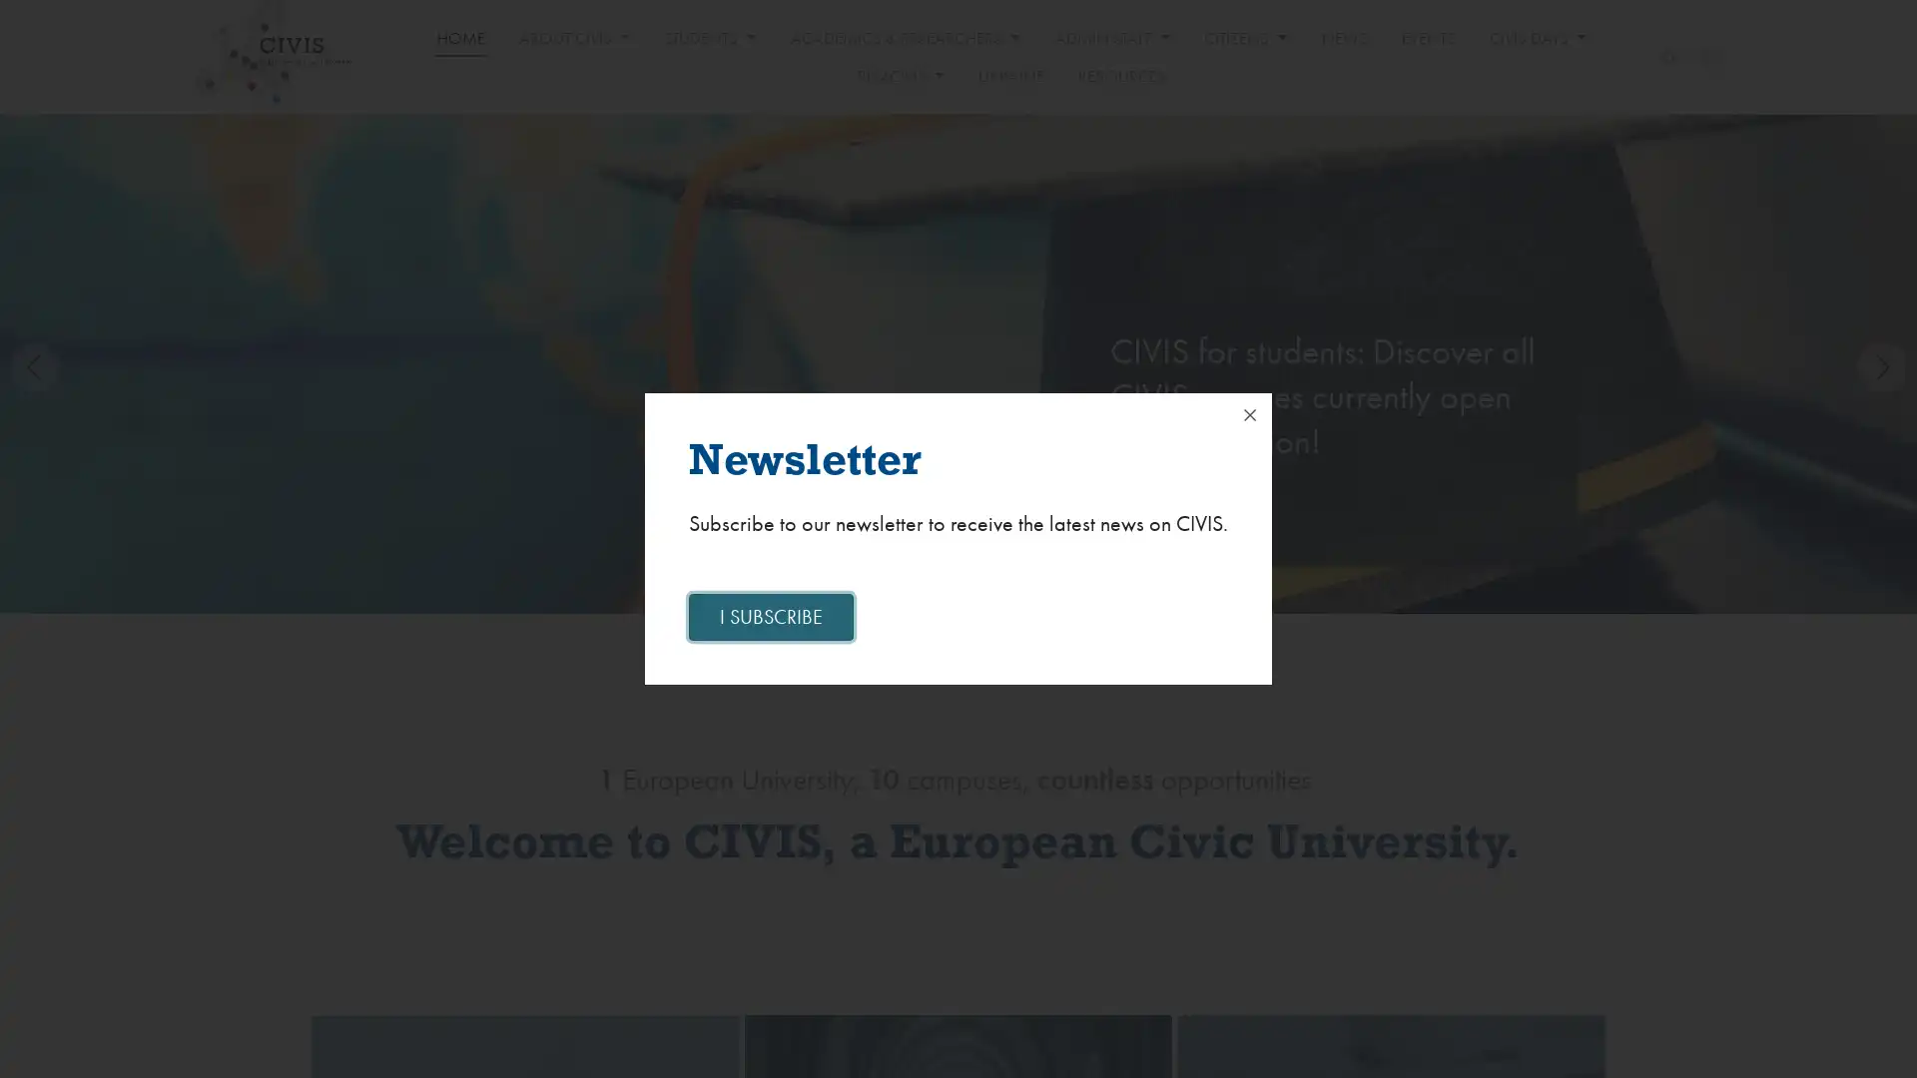 The image size is (1917, 1078). I want to click on Close, so click(1249, 413).